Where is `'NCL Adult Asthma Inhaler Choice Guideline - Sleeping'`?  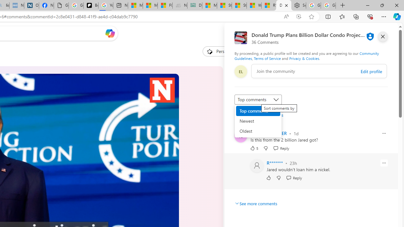
'NCL Adult Asthma Inhaler Choice Guideline - Sleeping' is located at coordinates (16, 5).